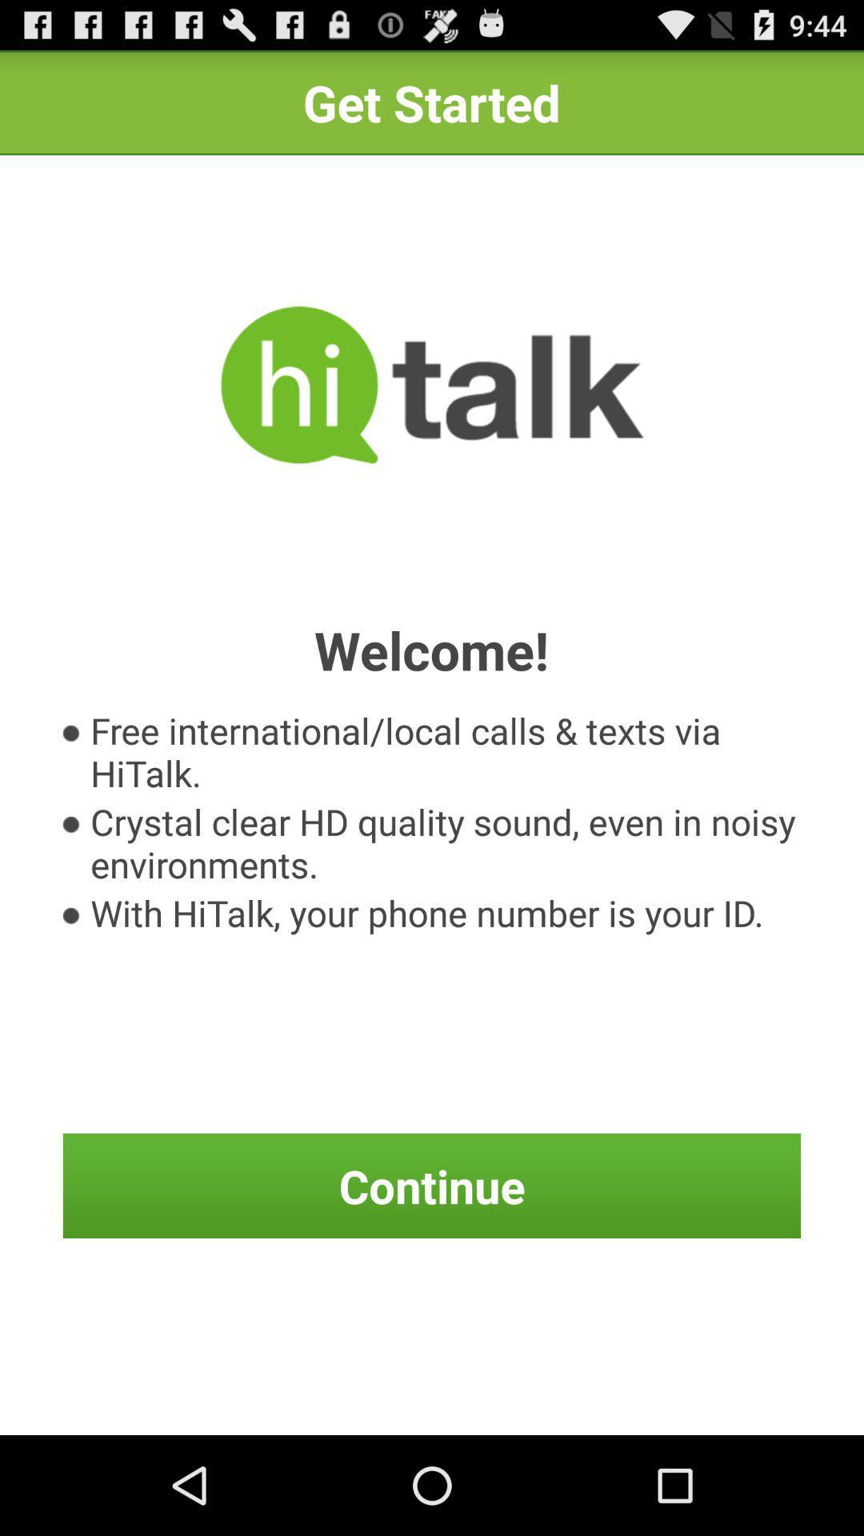 This screenshot has height=1536, width=864. I want to click on the continue, so click(432, 1186).